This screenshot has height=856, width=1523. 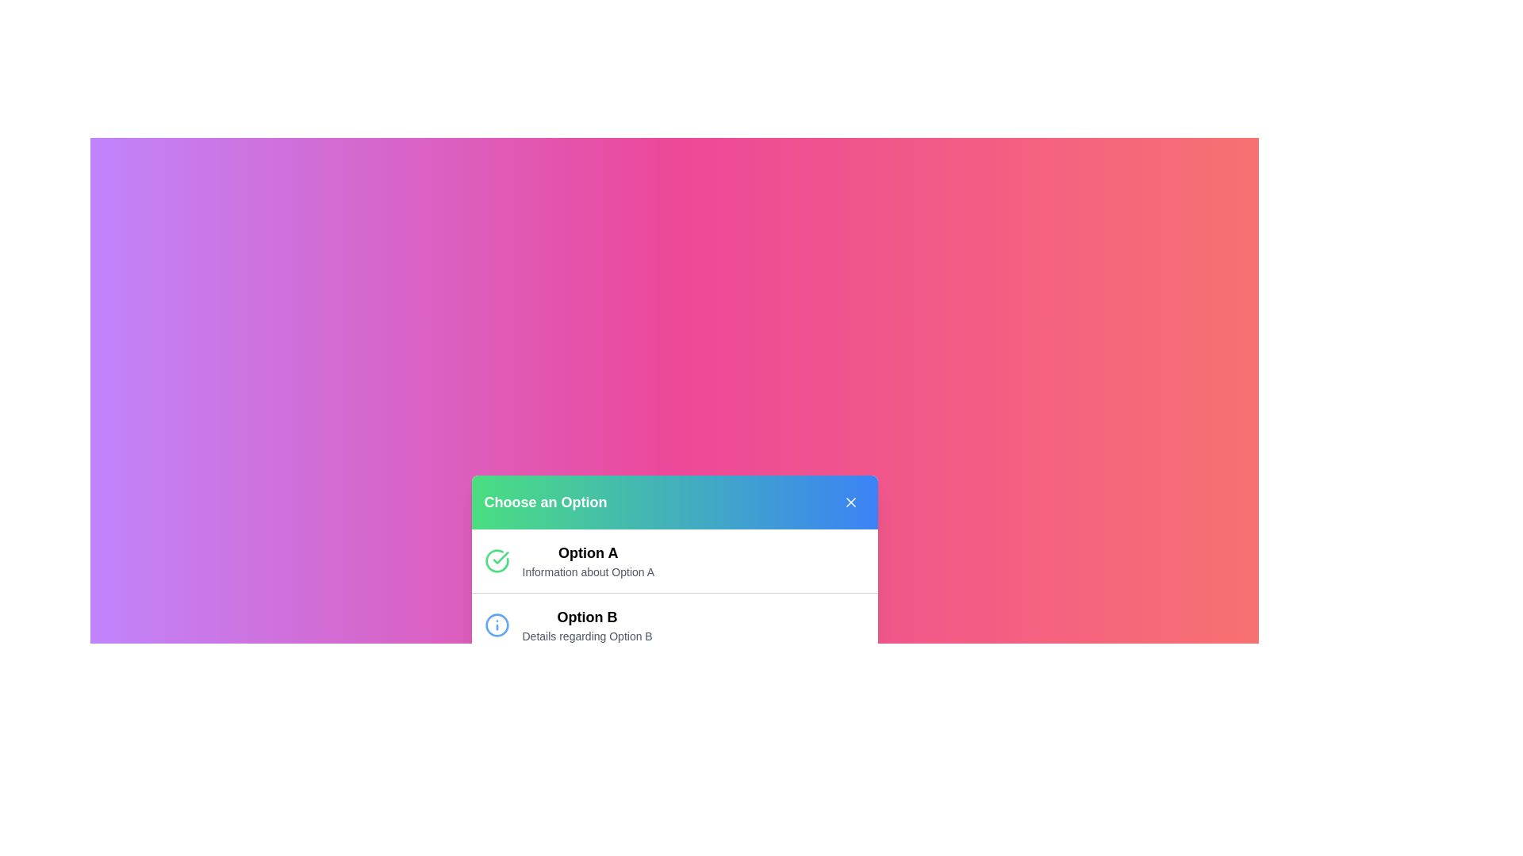 What do you see at coordinates (674, 623) in the screenshot?
I see `the second option (Option B) in the StylishDialog component` at bounding box center [674, 623].